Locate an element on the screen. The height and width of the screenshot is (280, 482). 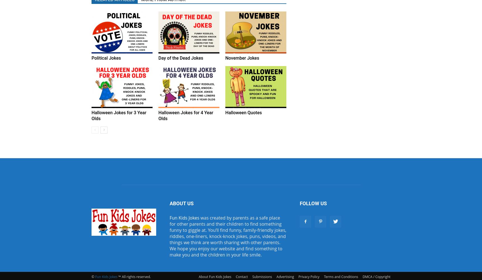
'Day of the Dead Jokes' is located at coordinates (181, 58).